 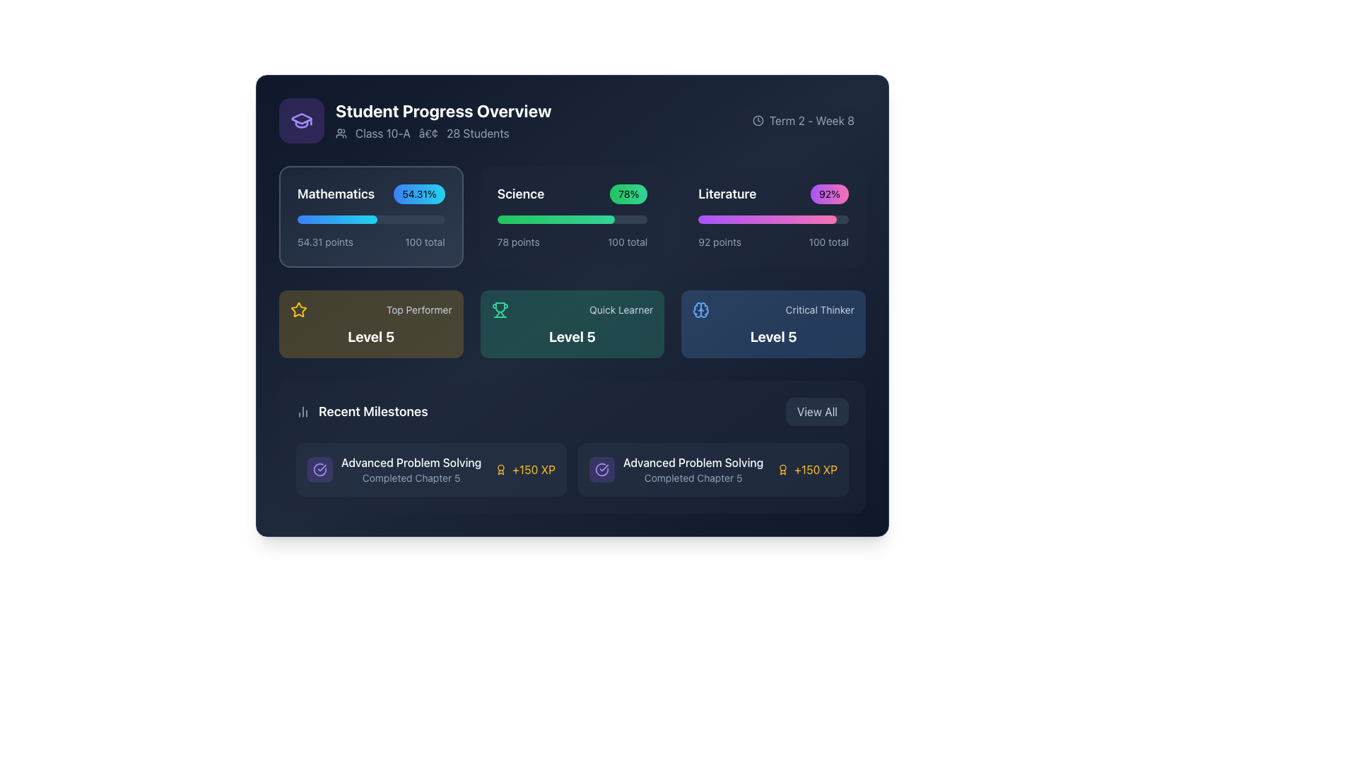 I want to click on the informational text element that indicates the completion of Chapter 5 in the 'Advanced Problem Solving' module, which is located in the 'Recent Milestones' section, so click(x=394, y=469).